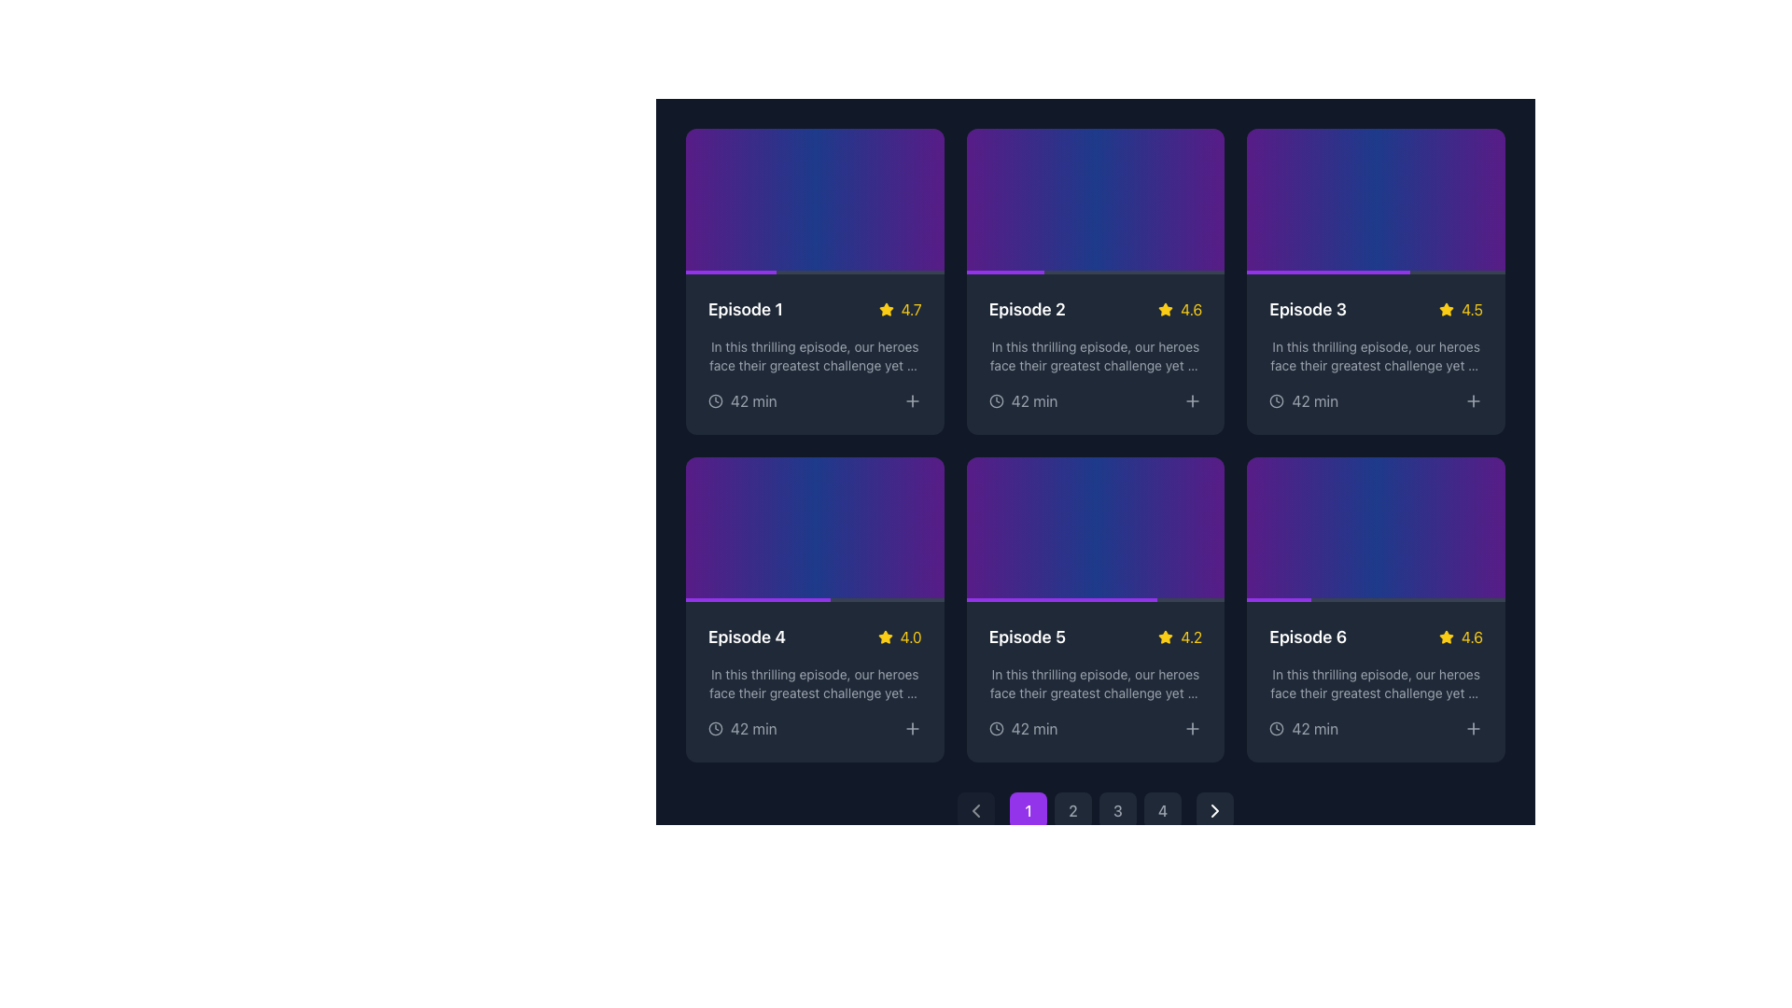 The width and height of the screenshot is (1792, 1008). Describe the element at coordinates (1276, 399) in the screenshot. I see `the decorative circle element of the clock icon located in the bottom-left corner of the Episode 3 card to engage with nearby elements` at that location.